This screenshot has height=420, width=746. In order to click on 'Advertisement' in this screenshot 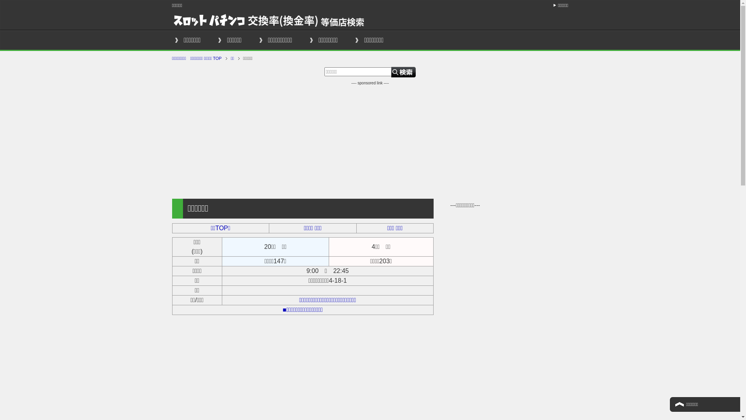, I will do `click(369, 140)`.